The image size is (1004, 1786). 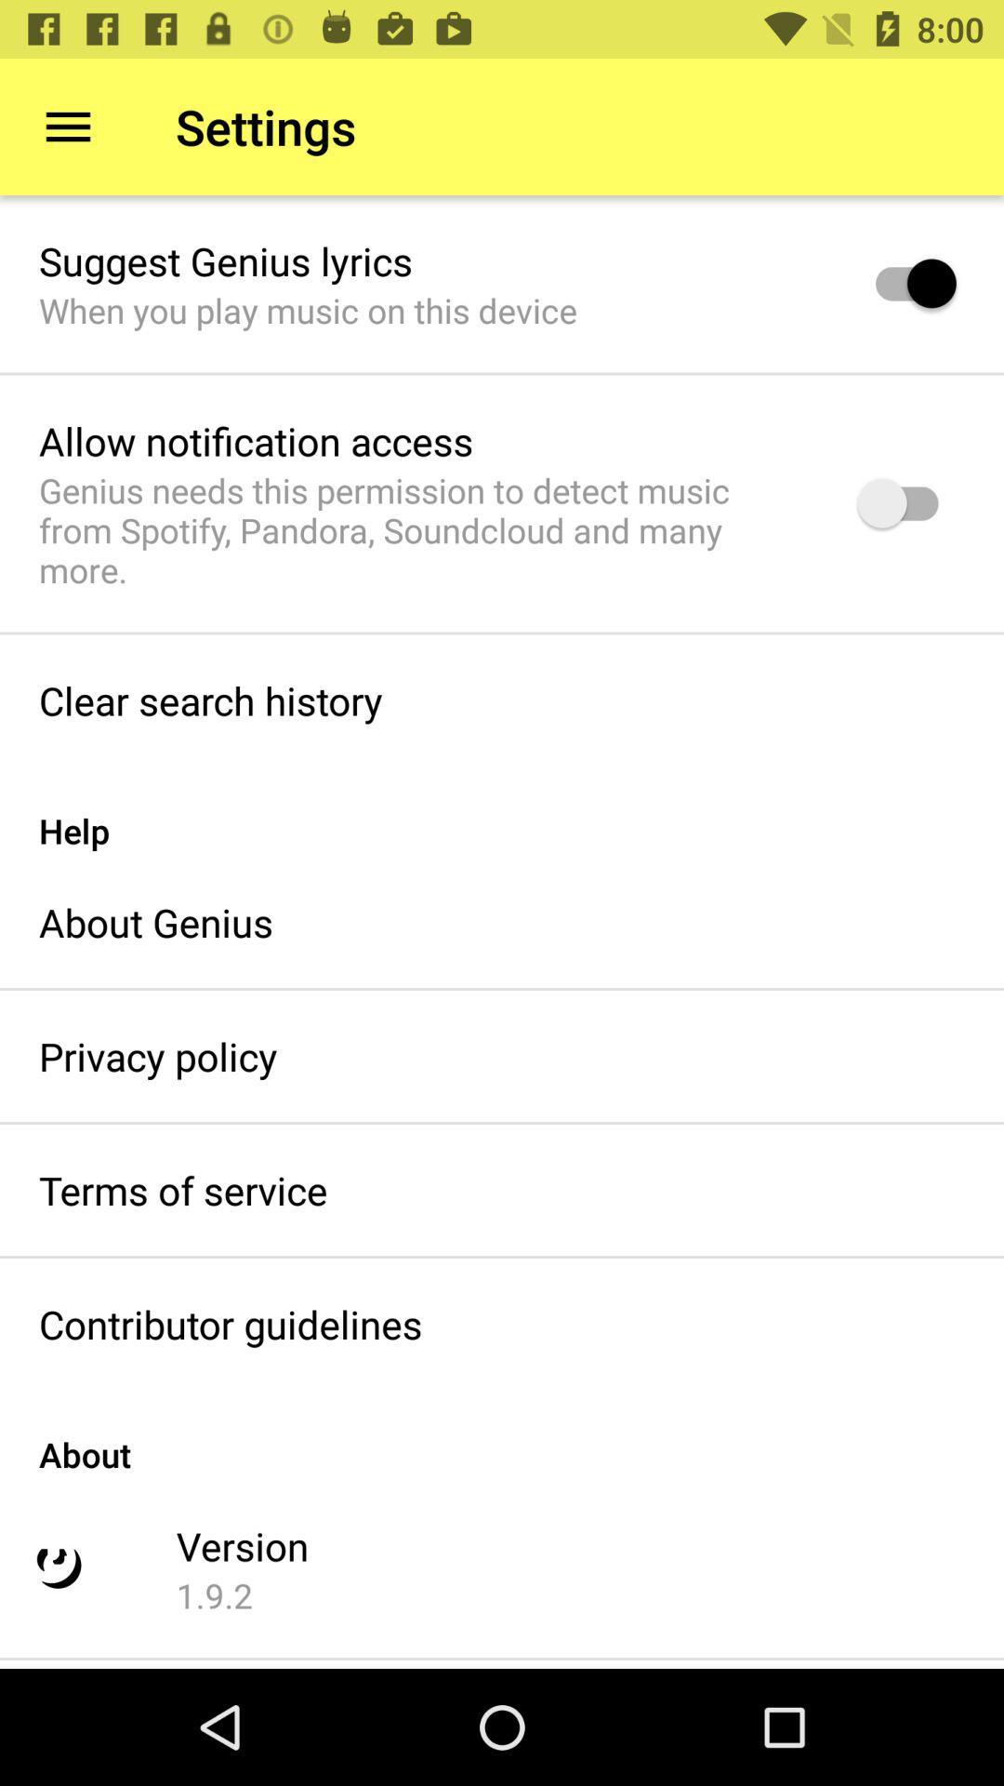 What do you see at coordinates (256, 440) in the screenshot?
I see `the allow notification access icon` at bounding box center [256, 440].